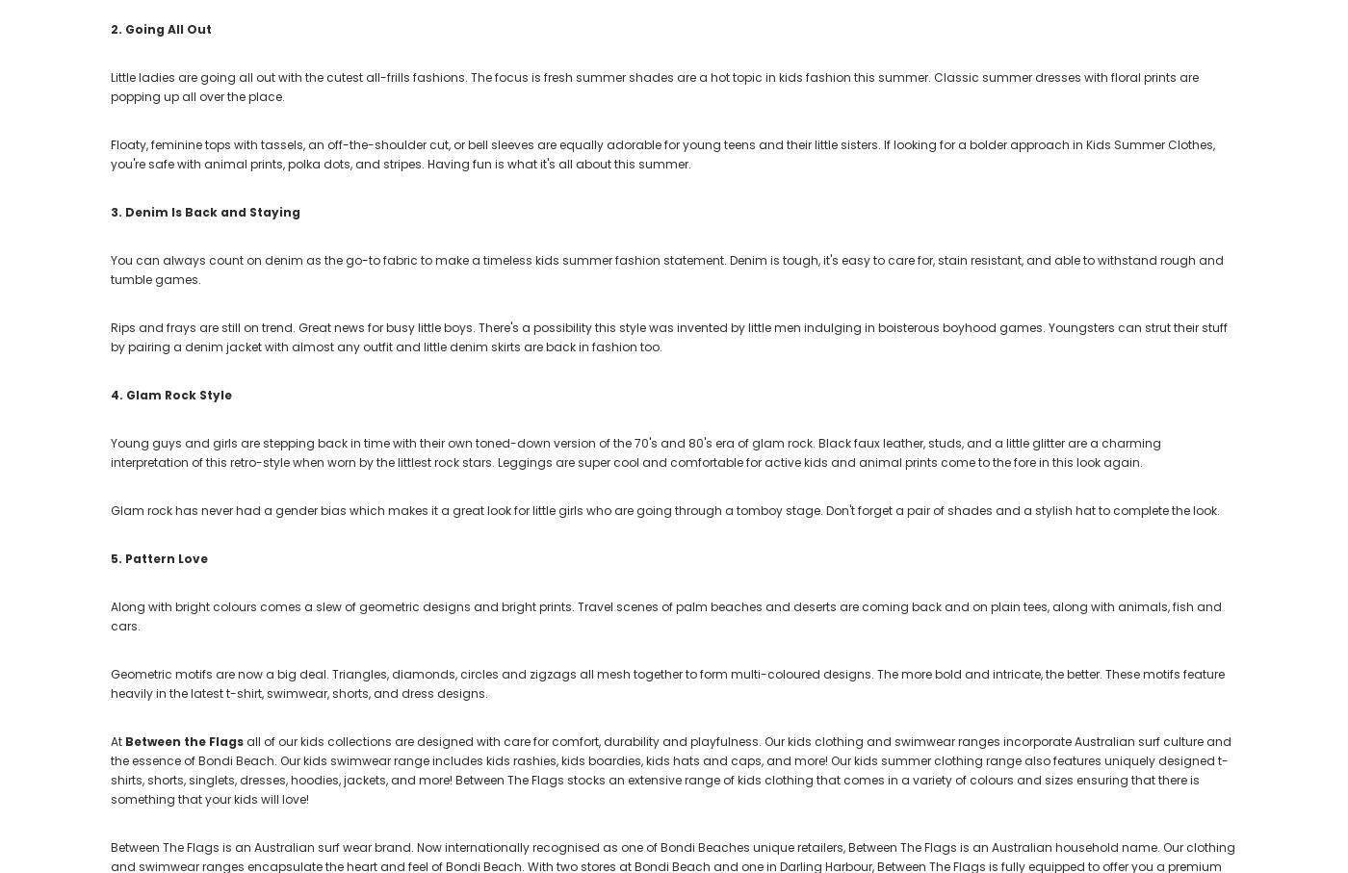 The image size is (1348, 873). I want to click on 'Glam rock has never had a gender bias which makes it a great look for little girls who are going through a tomboy stage. Don't forget a pair of shades and a stylish hat to complete the look.', so click(665, 509).